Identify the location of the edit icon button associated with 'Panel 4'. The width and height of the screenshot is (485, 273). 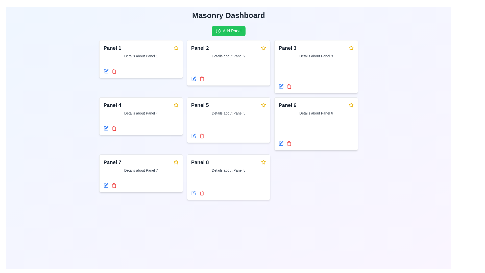
(106, 127).